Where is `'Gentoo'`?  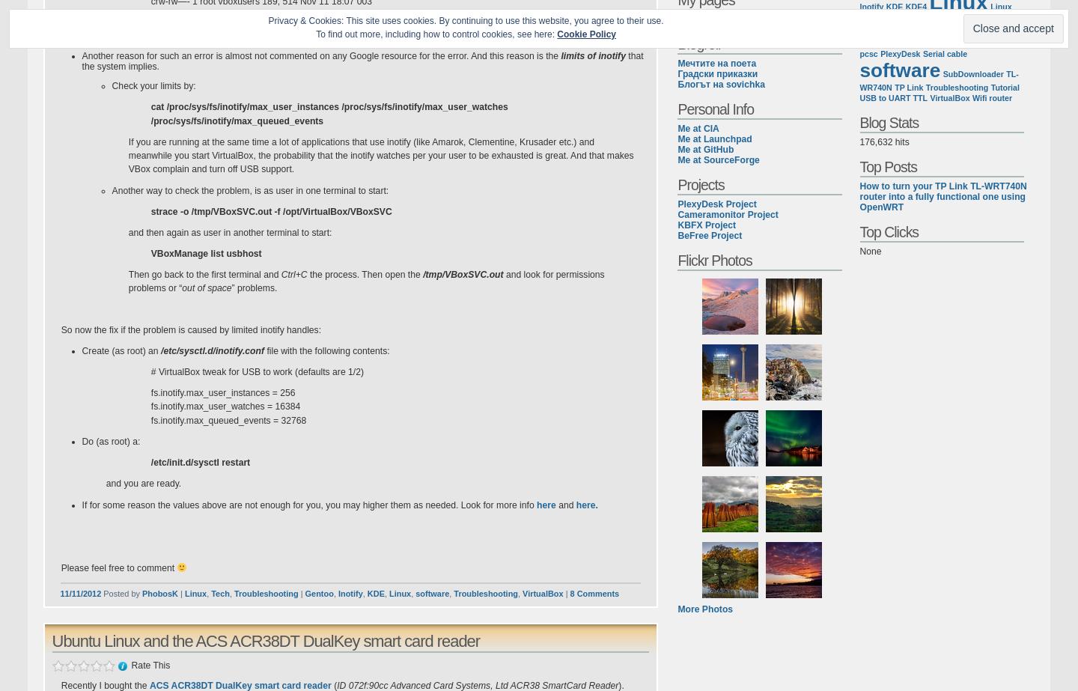
'Gentoo' is located at coordinates (318, 592).